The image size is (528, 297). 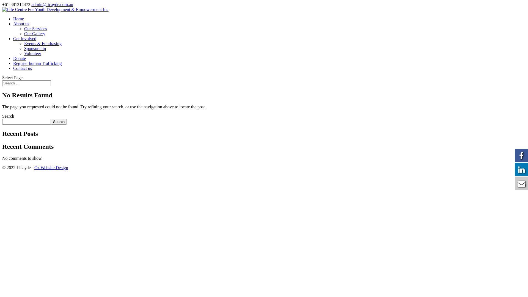 What do you see at coordinates (52, 4) in the screenshot?
I see `'admin@licayde.com.au'` at bounding box center [52, 4].